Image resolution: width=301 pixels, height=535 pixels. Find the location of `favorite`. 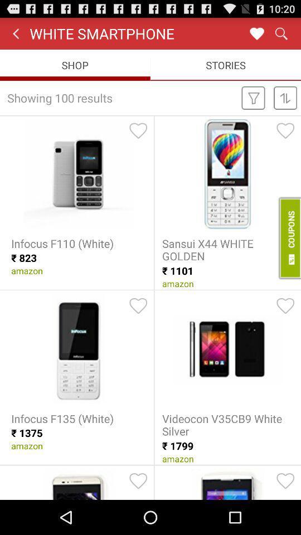

favorite is located at coordinates (285, 306).